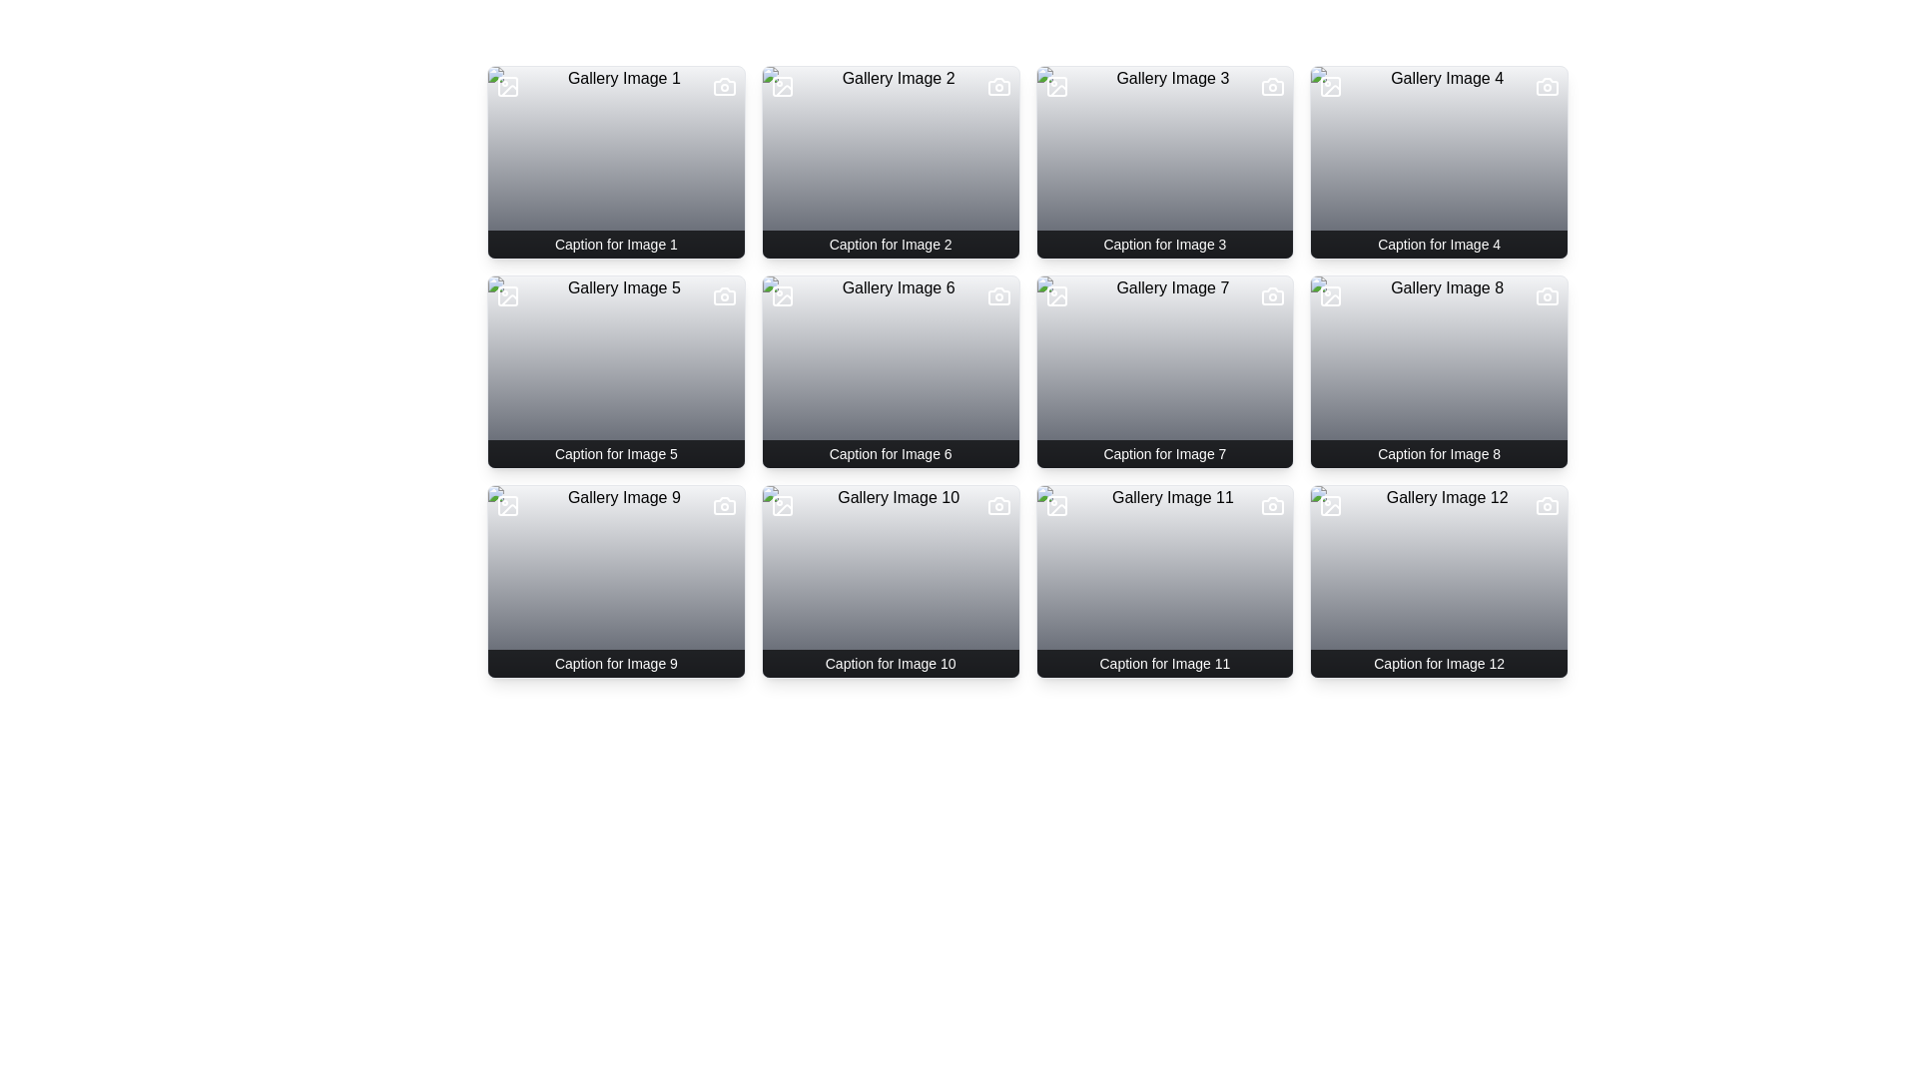 This screenshot has width=1917, height=1078. I want to click on the Text Label that displays the caption for the associated image at the bottom of the first image in the gallery interface, so click(615, 244).